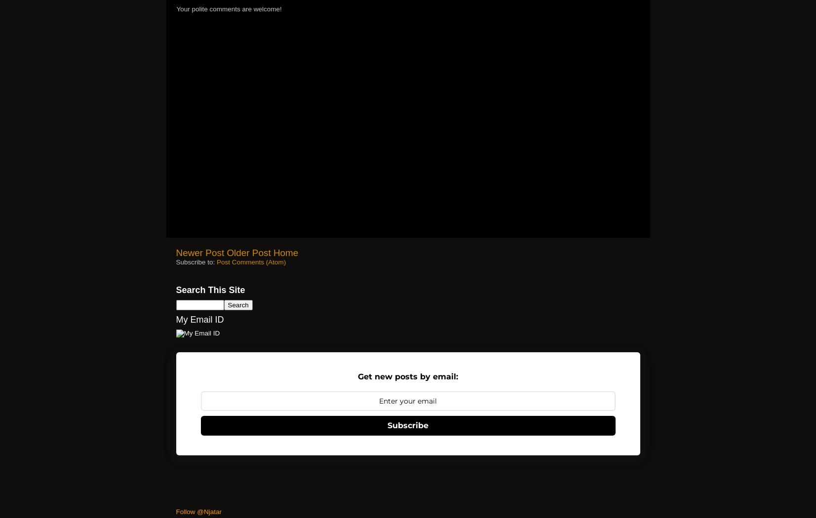 The image size is (816, 518). What do you see at coordinates (228, 9) in the screenshot?
I see `'Your polite comments are welcome!'` at bounding box center [228, 9].